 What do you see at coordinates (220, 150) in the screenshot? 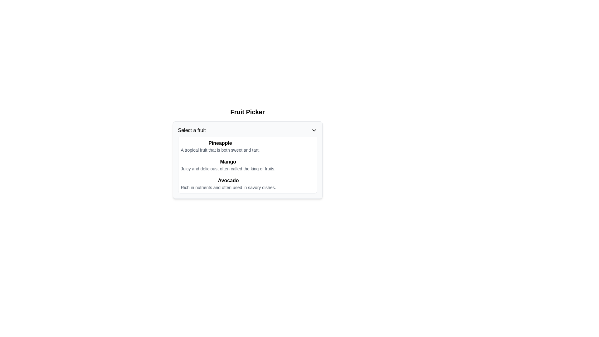
I see `the single line of light gray text located directly under the bolded text 'Pineapple' within the dropdown menu labeled 'Select a fruit'` at bounding box center [220, 150].